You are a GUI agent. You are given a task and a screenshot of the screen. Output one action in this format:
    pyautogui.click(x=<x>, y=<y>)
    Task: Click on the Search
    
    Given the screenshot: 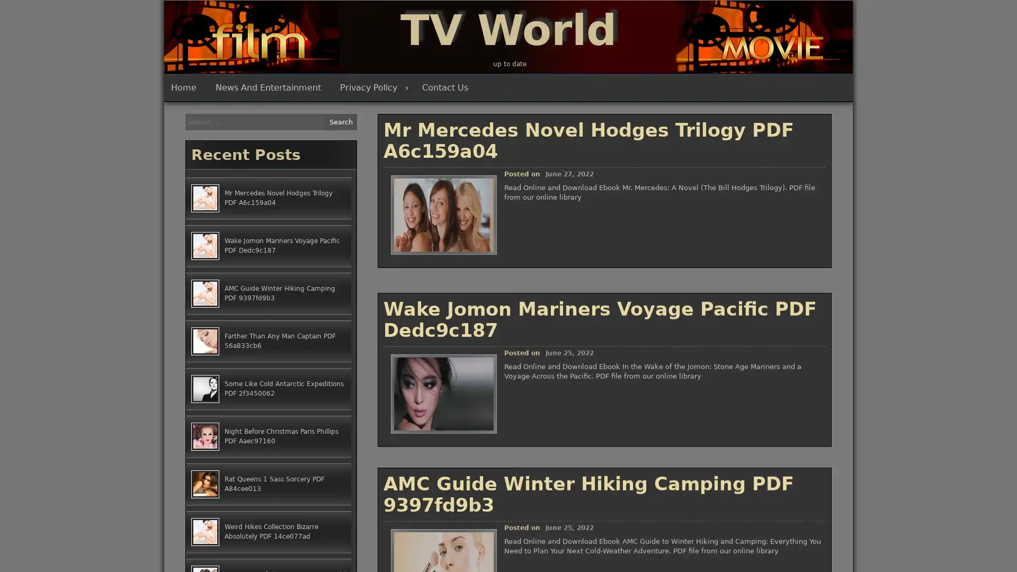 What is the action you would take?
    pyautogui.click(x=341, y=121)
    